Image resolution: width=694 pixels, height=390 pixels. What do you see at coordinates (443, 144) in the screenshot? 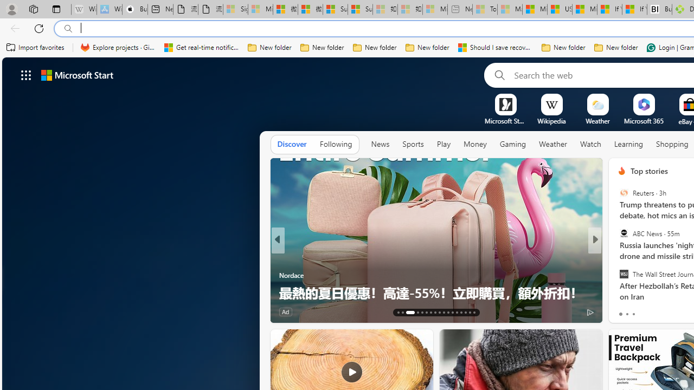
I see `'Play'` at bounding box center [443, 144].